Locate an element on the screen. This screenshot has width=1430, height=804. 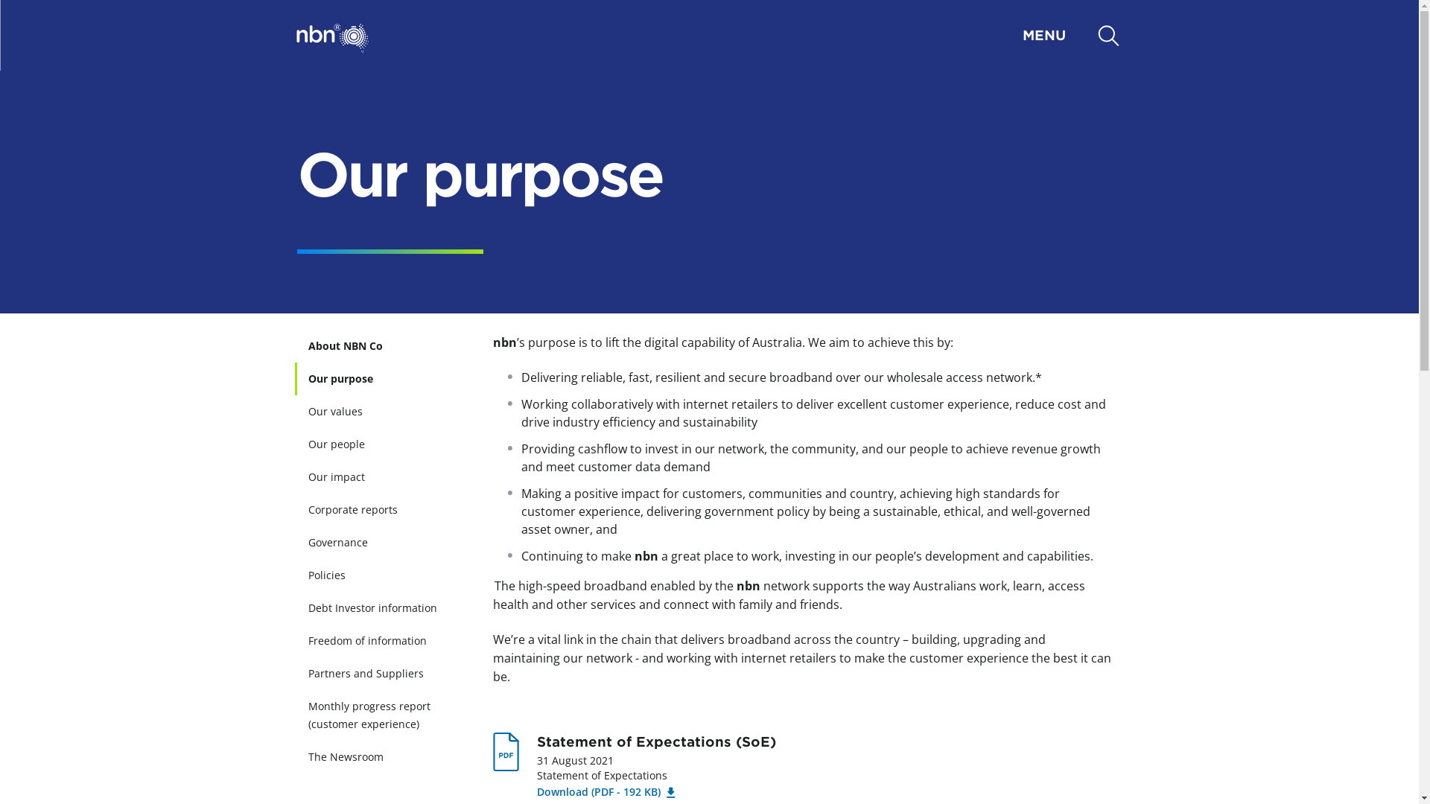
'Our people' is located at coordinates (296, 444).